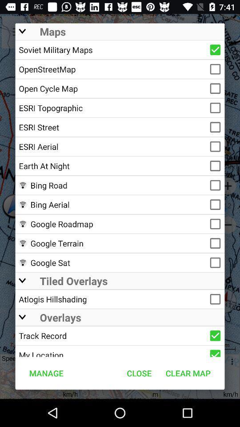 This screenshot has height=427, width=240. Describe the element at coordinates (46, 373) in the screenshot. I see `the manage item` at that location.